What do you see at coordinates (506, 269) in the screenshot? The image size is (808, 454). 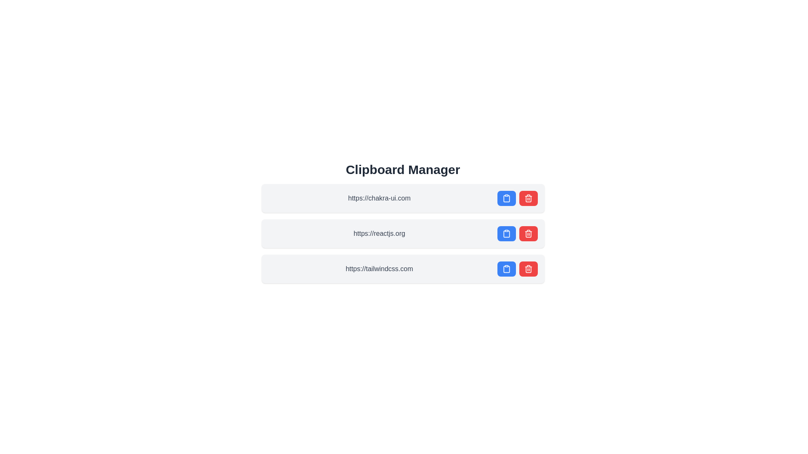 I see `the button that copies the URL for the 'tailwindcss.com' entry in the clipboard manager interface` at bounding box center [506, 269].